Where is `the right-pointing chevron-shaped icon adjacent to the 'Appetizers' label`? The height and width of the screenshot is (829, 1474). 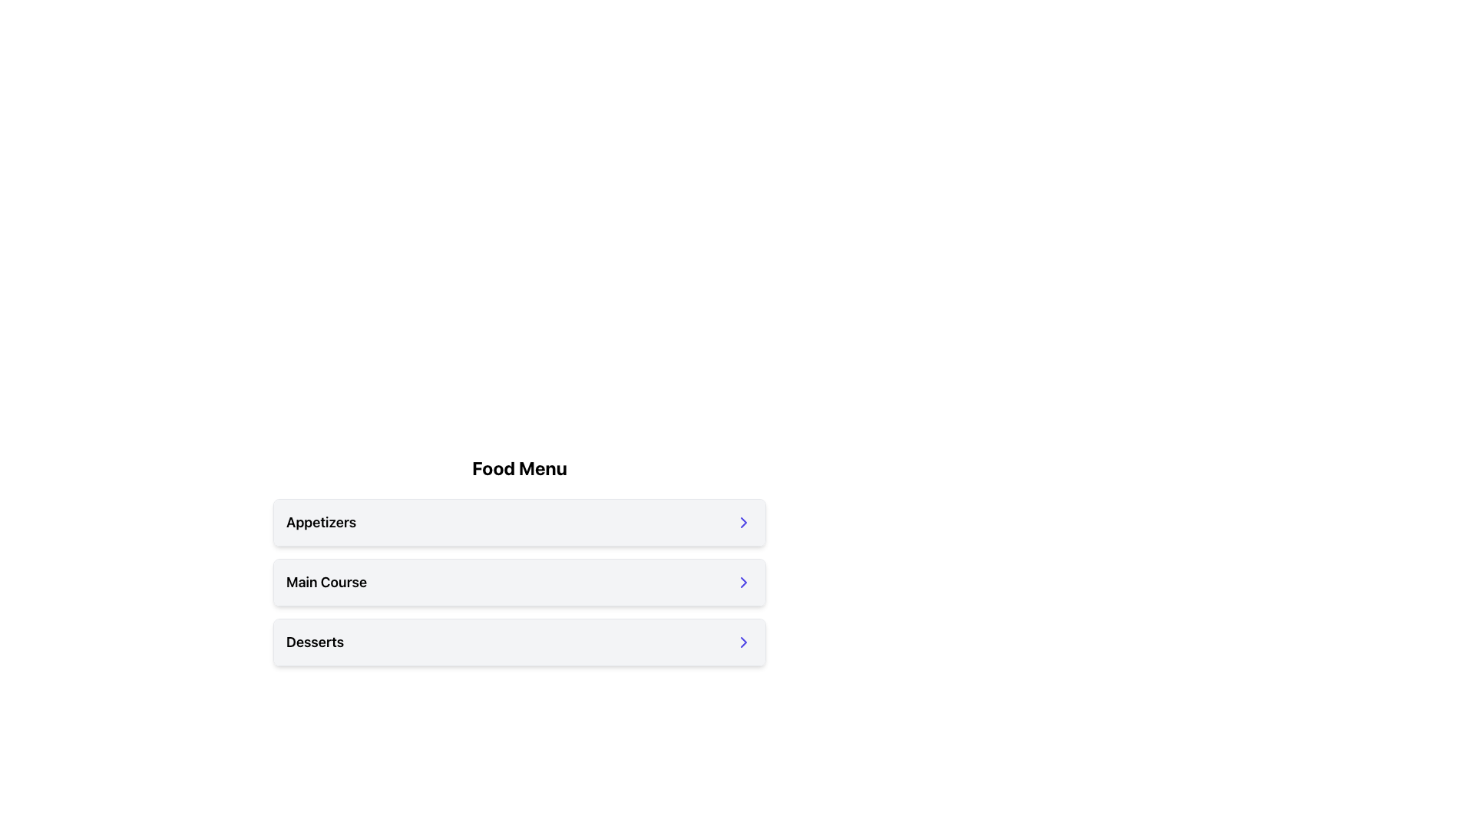 the right-pointing chevron-shaped icon adjacent to the 'Appetizers' label is located at coordinates (744, 522).